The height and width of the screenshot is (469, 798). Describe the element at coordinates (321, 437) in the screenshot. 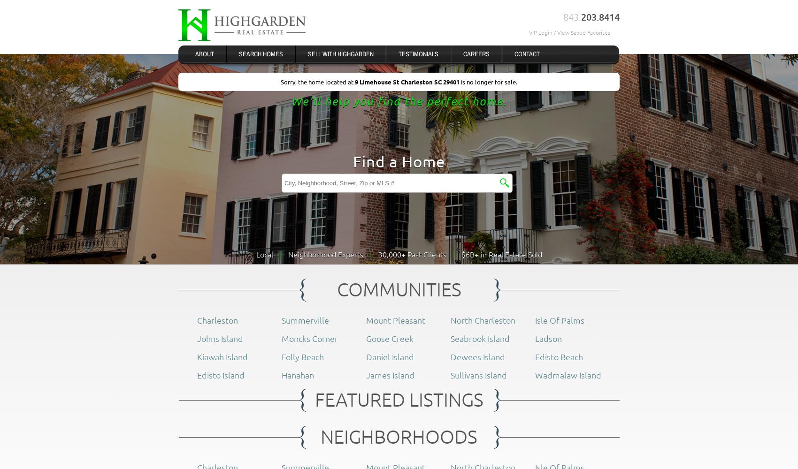

I see `'NEIGHBORHOODS'` at that location.